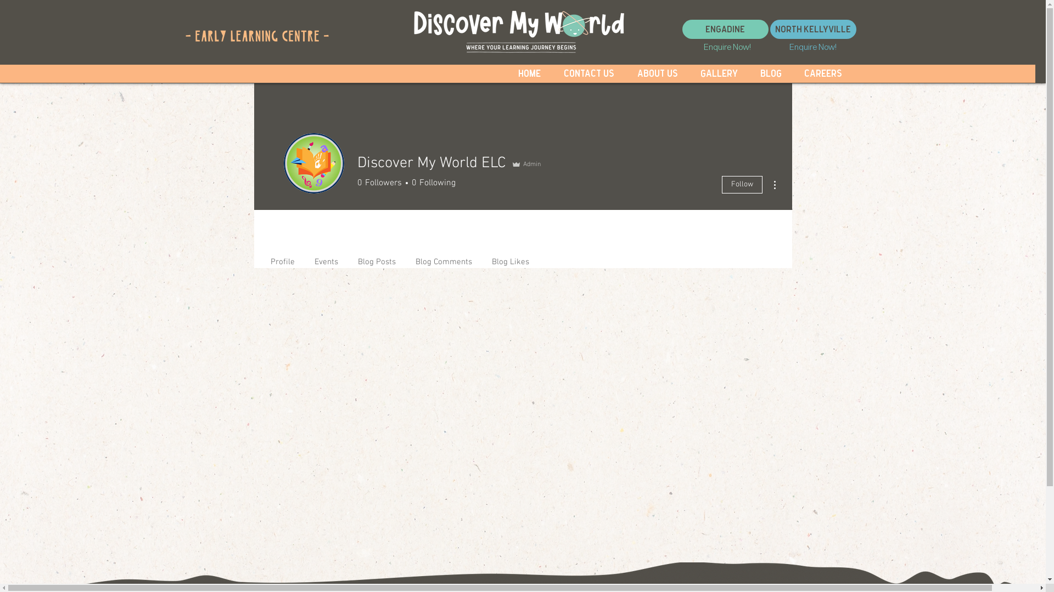 This screenshot has height=592, width=1054. What do you see at coordinates (430, 183) in the screenshot?
I see `'0` at bounding box center [430, 183].